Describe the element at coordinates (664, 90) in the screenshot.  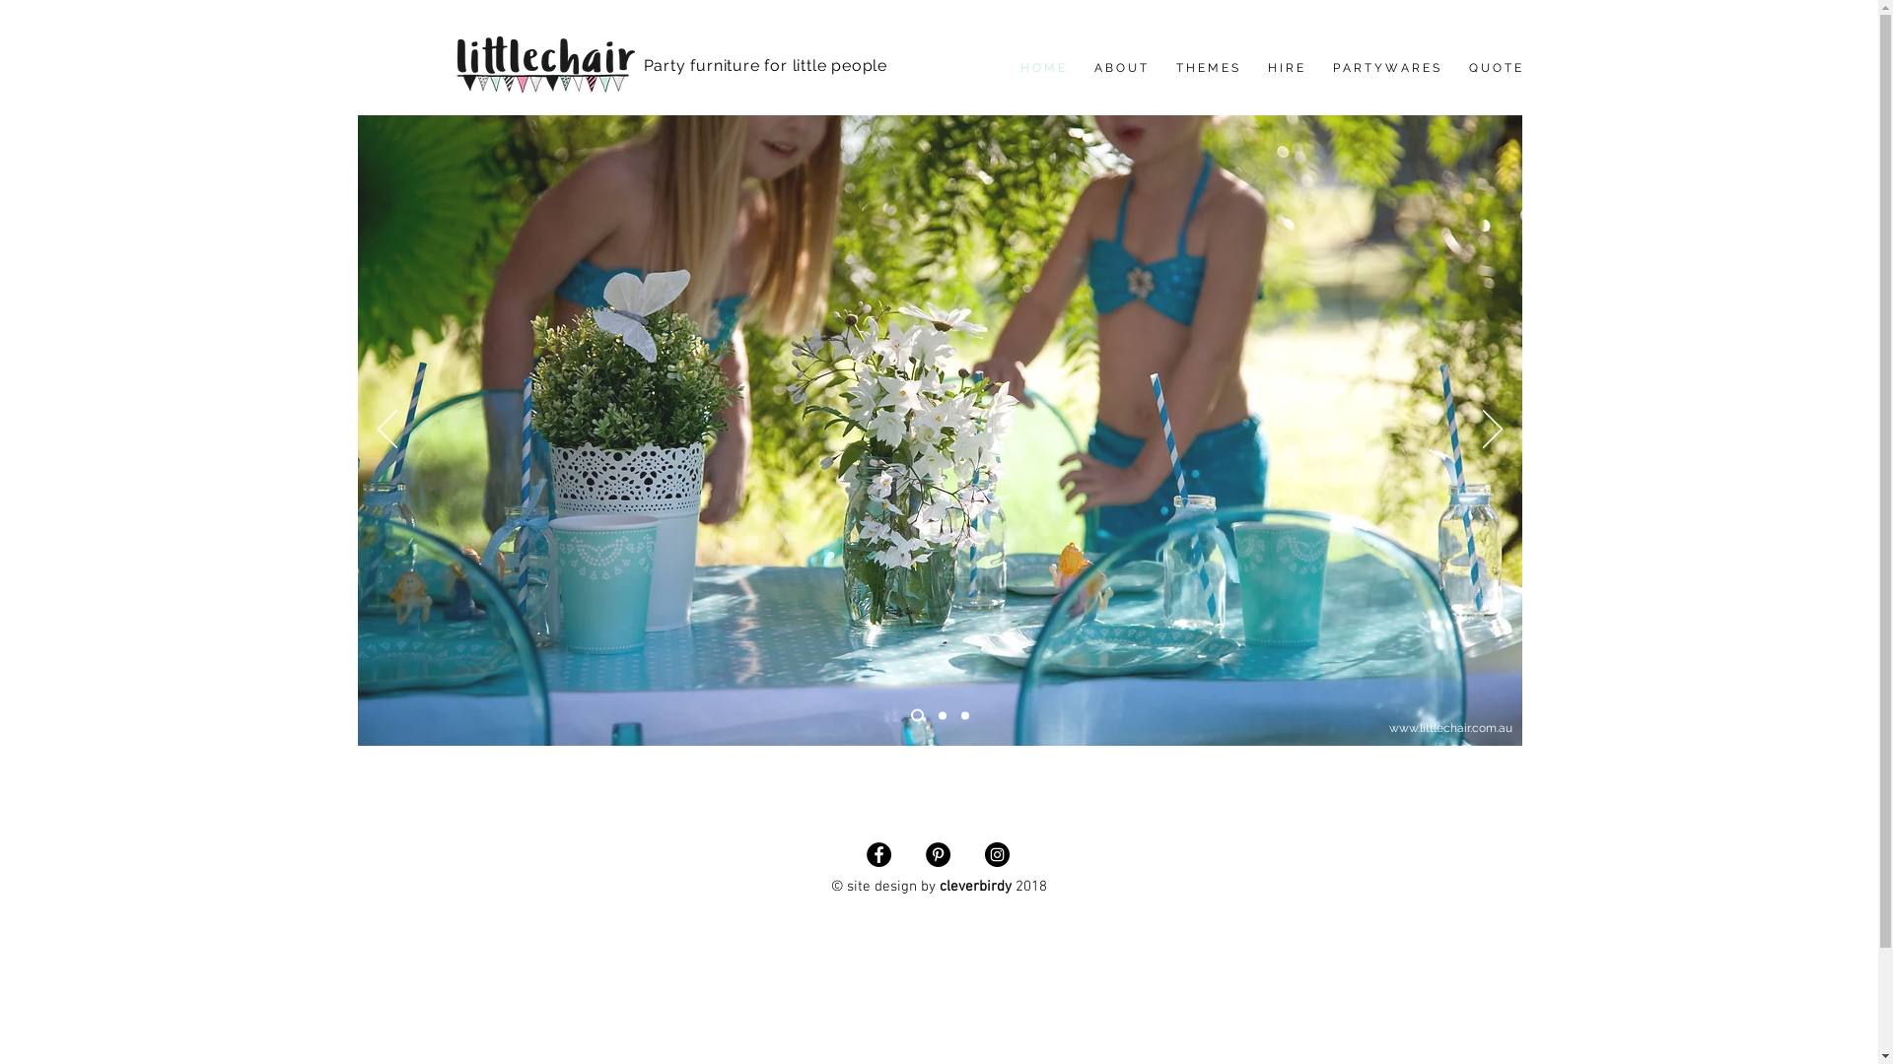
I see `'Ivanhoe'` at that location.